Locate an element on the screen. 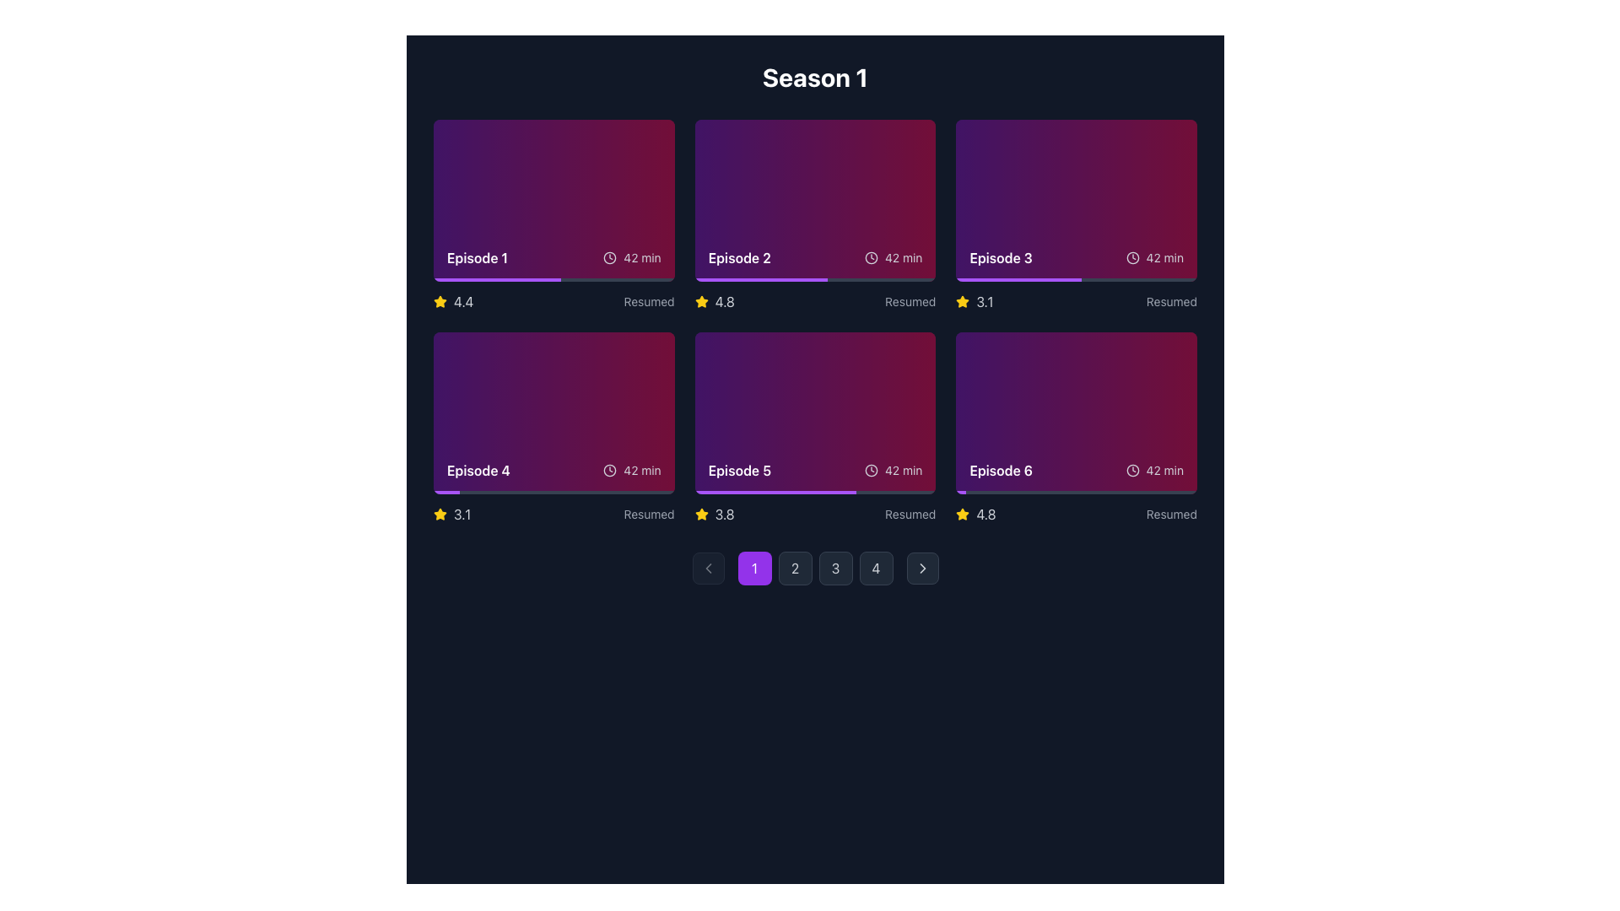 The height and width of the screenshot is (911, 1620). the SVG circle graphical element representing the boundary of the clock face within the clock icon located in the informational panel of 'Episode 6' is located at coordinates (1132, 471).